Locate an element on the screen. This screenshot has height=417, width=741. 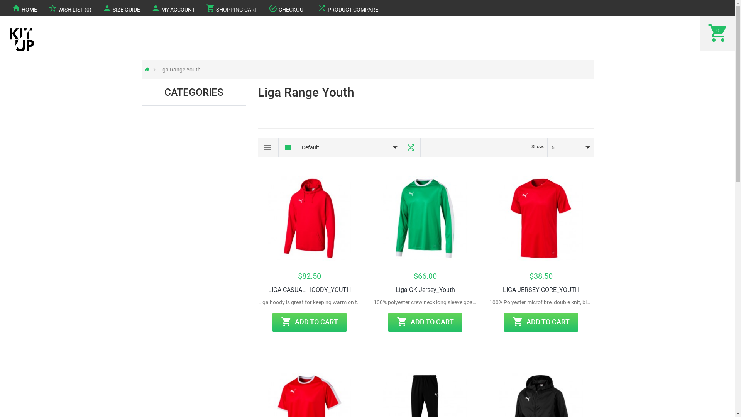
'PRODUCT COMPARE' is located at coordinates (347, 8).